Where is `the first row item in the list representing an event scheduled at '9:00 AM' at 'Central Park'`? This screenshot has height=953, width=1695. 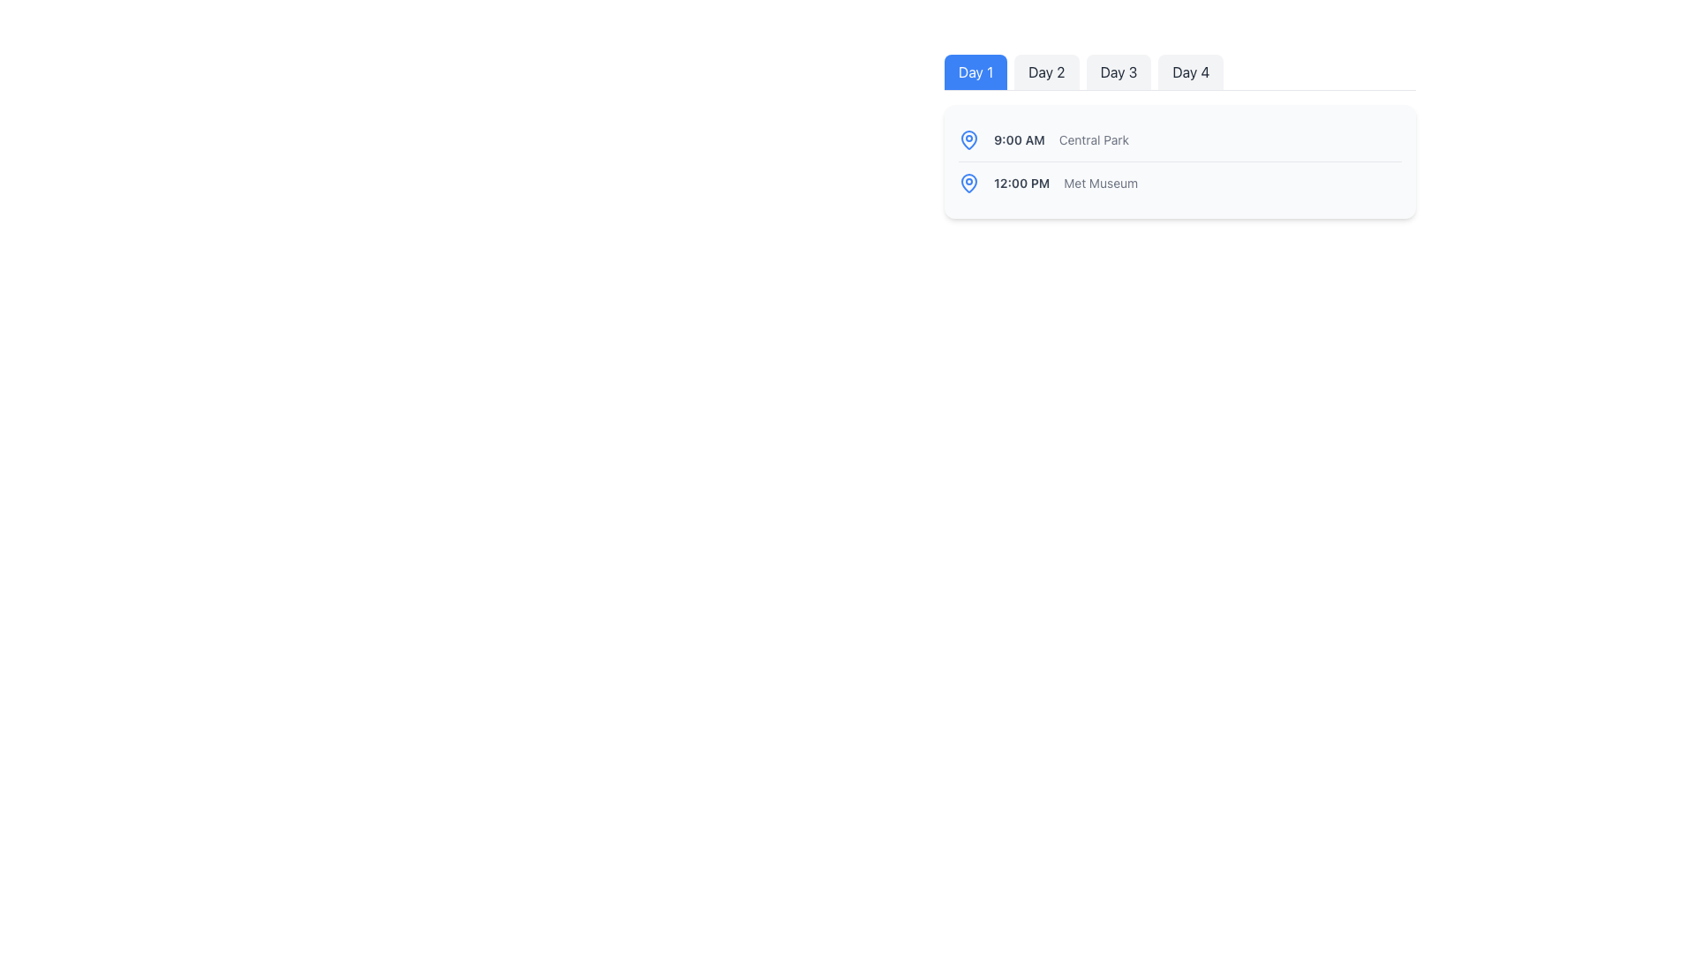
the first row item in the list representing an event scheduled at '9:00 AM' at 'Central Park' is located at coordinates (1180, 139).